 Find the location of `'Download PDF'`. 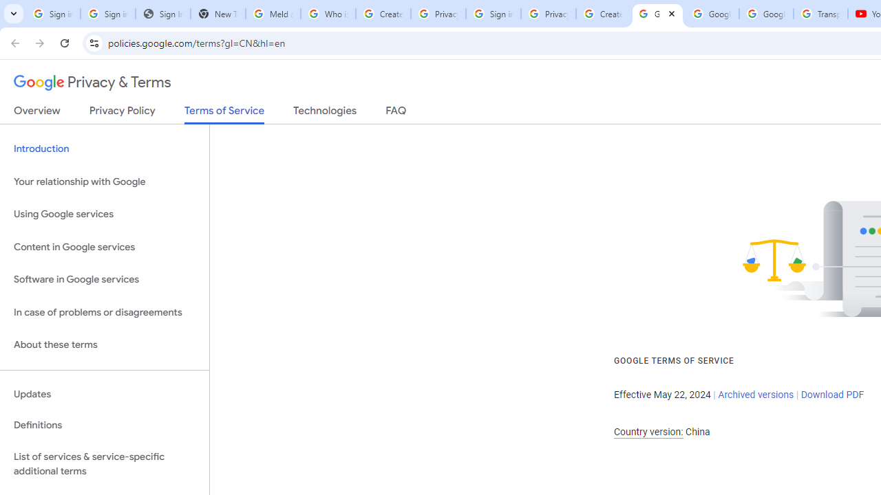

'Download PDF' is located at coordinates (831, 395).